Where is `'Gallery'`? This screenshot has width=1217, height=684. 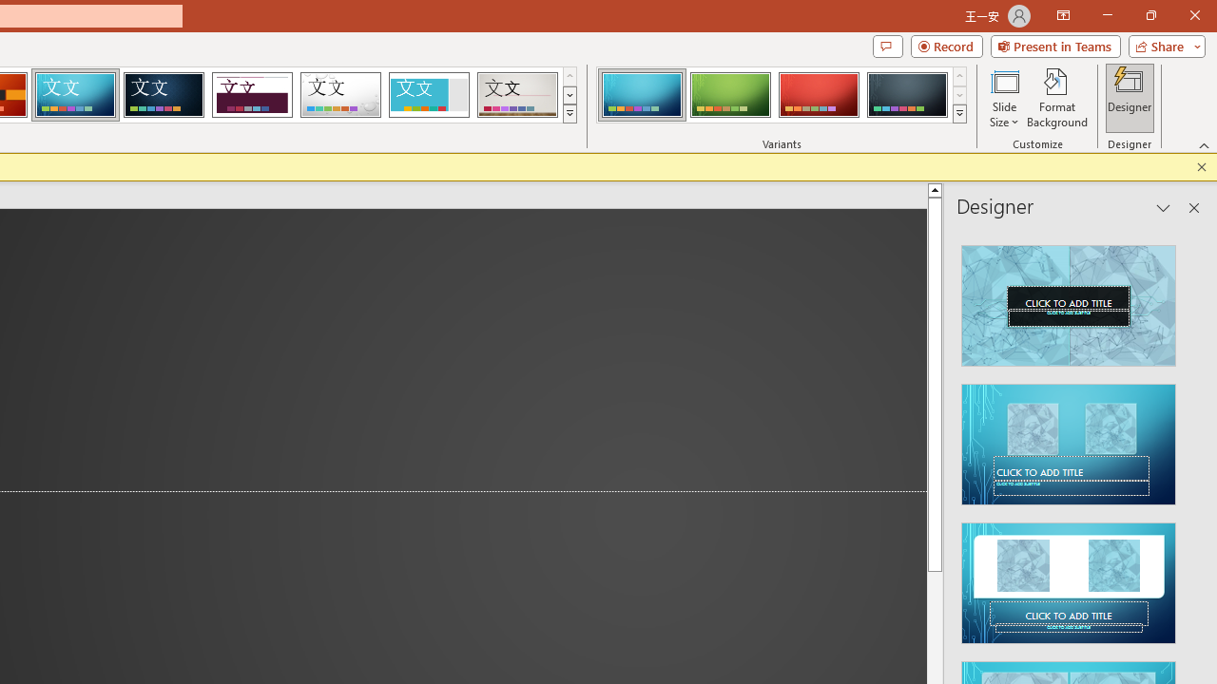
'Gallery' is located at coordinates (517, 95).